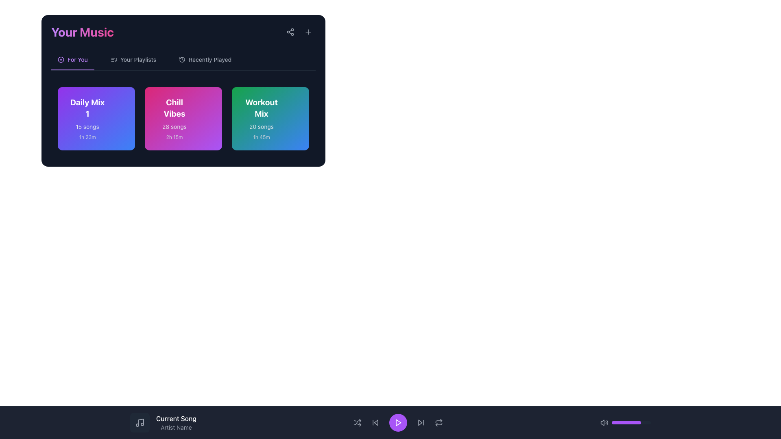  Describe the element at coordinates (113, 59) in the screenshot. I see `the music playlist icon in the navigation menu, which is the first icon under the 'Your Music' header, associated with the 'Your Playlists' label` at that location.